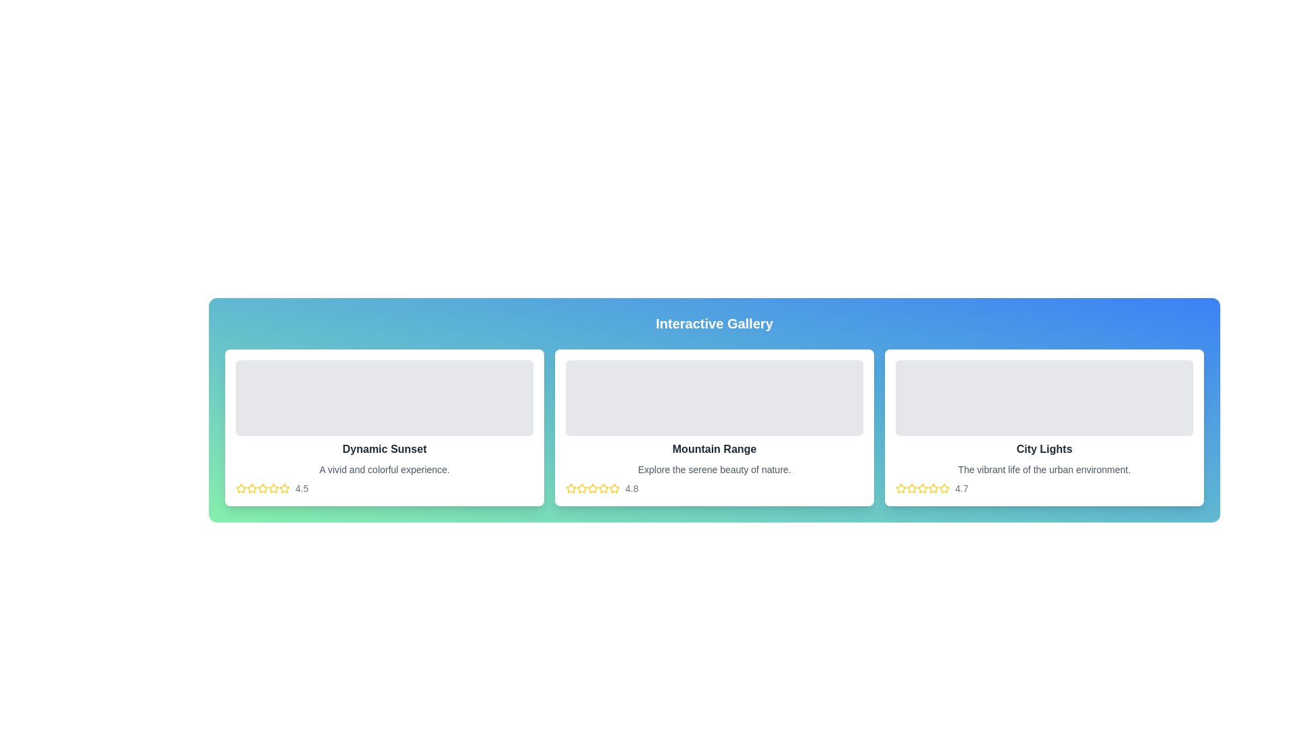 The image size is (1298, 730). Describe the element at coordinates (921, 488) in the screenshot. I see `the fifth star icon in the rating system below the 'City Lights' card` at that location.